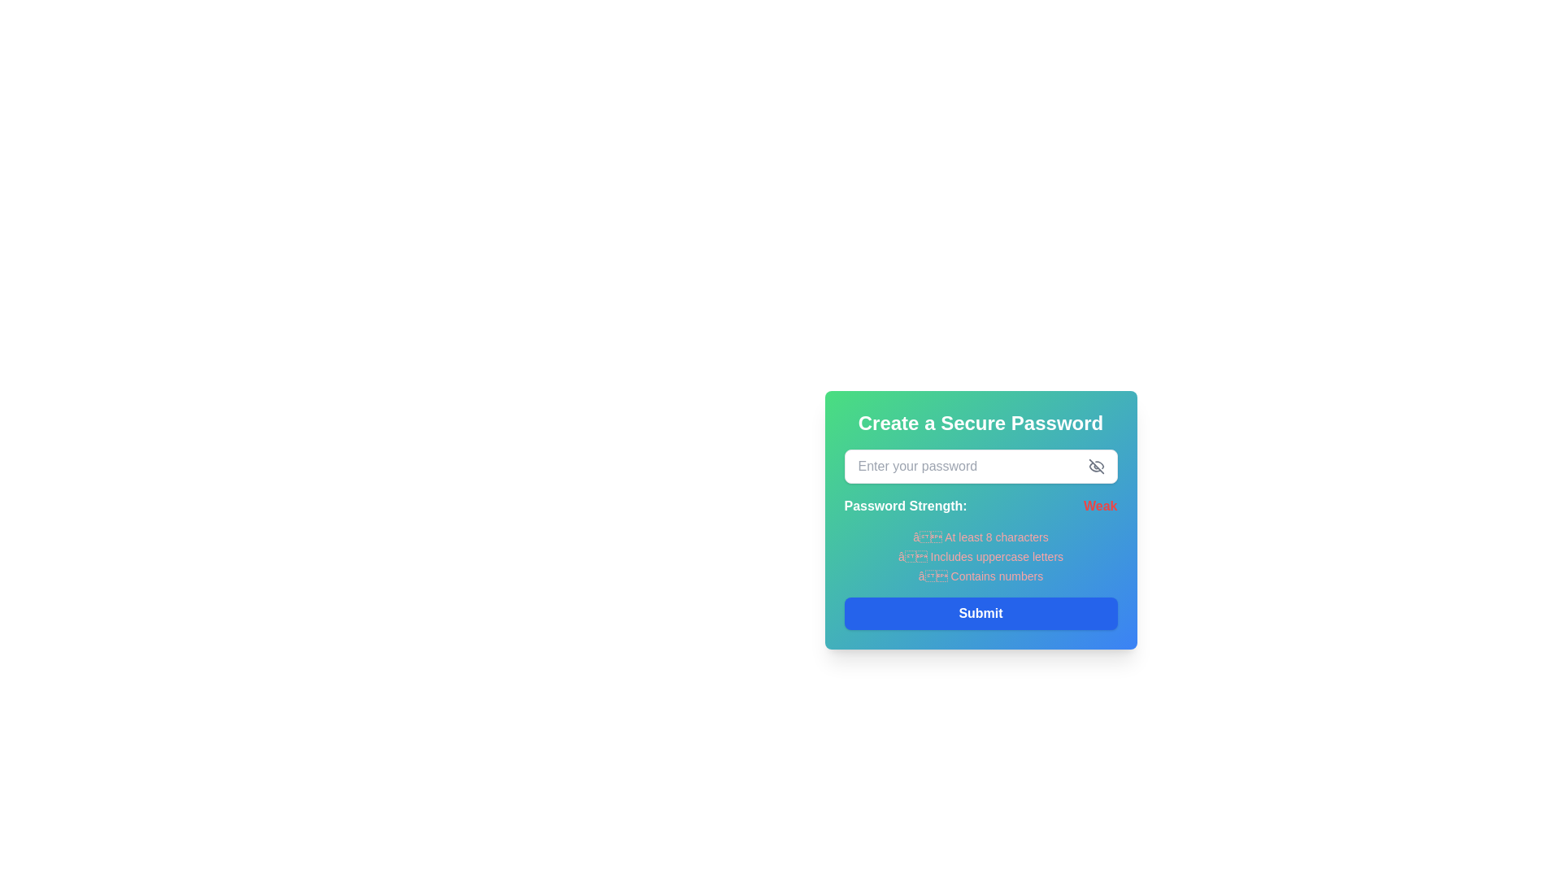 This screenshot has width=1561, height=878. Describe the element at coordinates (1096, 467) in the screenshot. I see `the visibility toggle button with a hidden eye icon, located to the far right of the password input field, to change its color` at that location.